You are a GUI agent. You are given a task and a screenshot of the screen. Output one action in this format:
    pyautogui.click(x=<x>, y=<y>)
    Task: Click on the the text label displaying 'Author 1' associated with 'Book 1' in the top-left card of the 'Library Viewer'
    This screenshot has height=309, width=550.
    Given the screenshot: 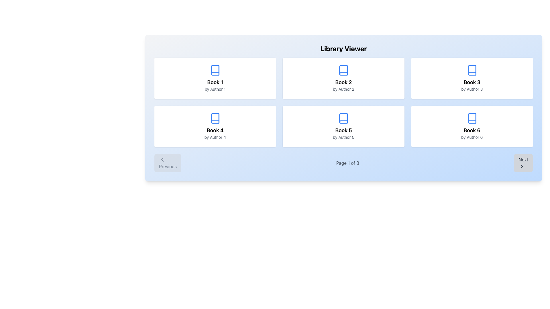 What is the action you would take?
    pyautogui.click(x=215, y=89)
    